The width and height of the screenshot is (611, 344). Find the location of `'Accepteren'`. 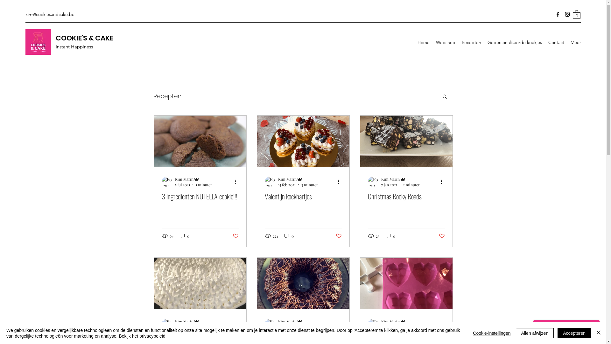

'Accepteren' is located at coordinates (574, 333).